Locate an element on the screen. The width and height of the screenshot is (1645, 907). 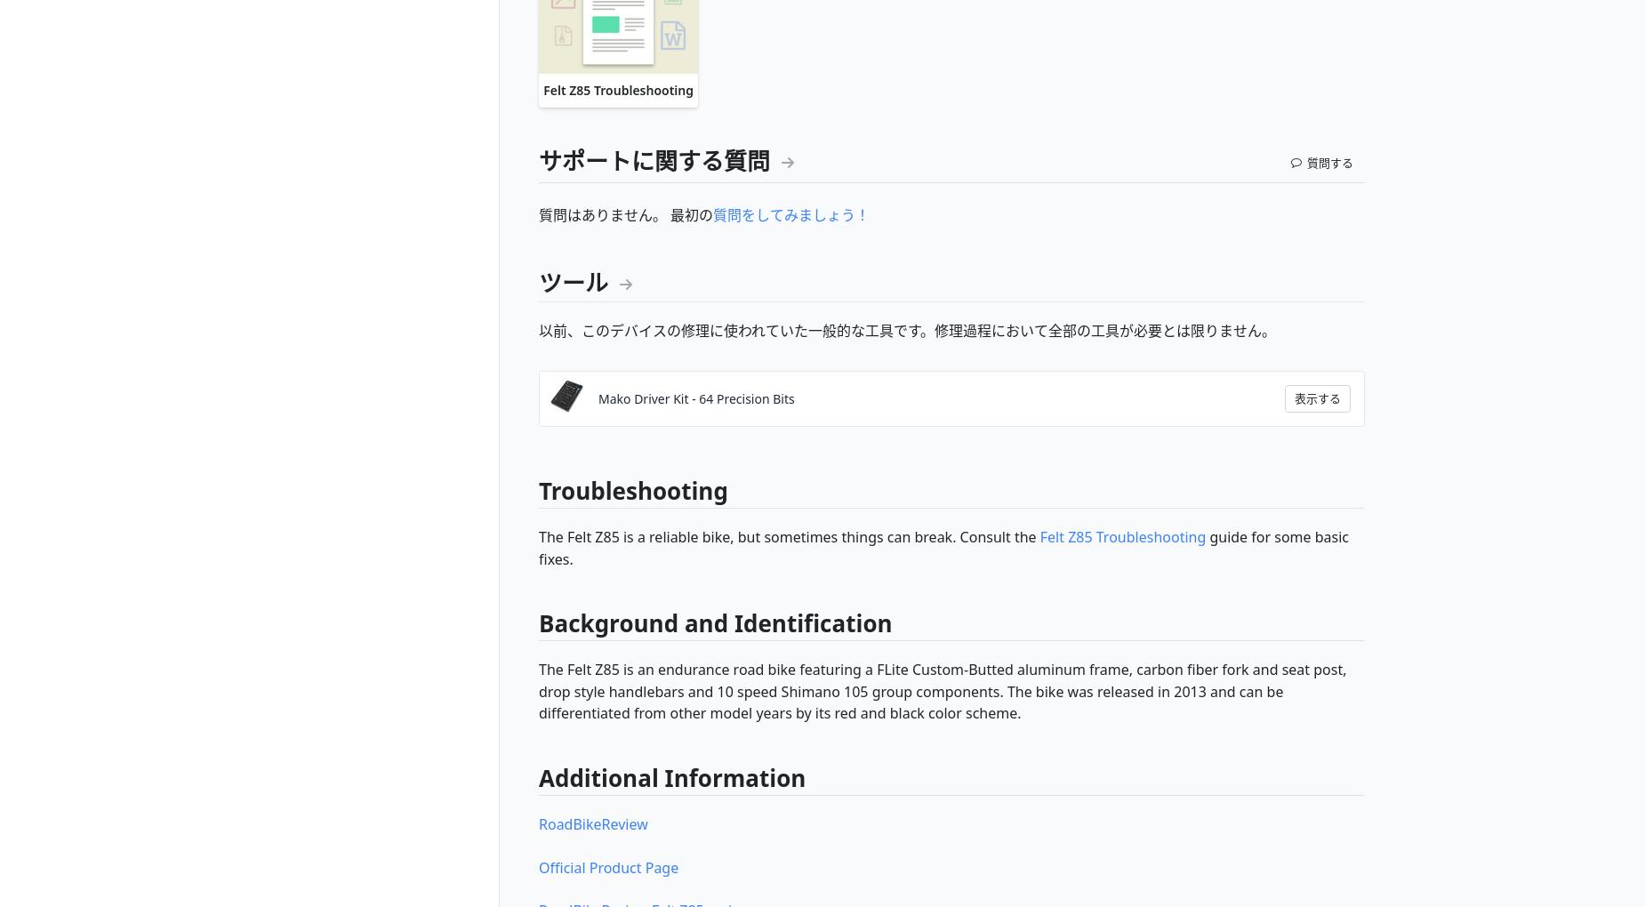
'Official Product Page' is located at coordinates (608, 866).